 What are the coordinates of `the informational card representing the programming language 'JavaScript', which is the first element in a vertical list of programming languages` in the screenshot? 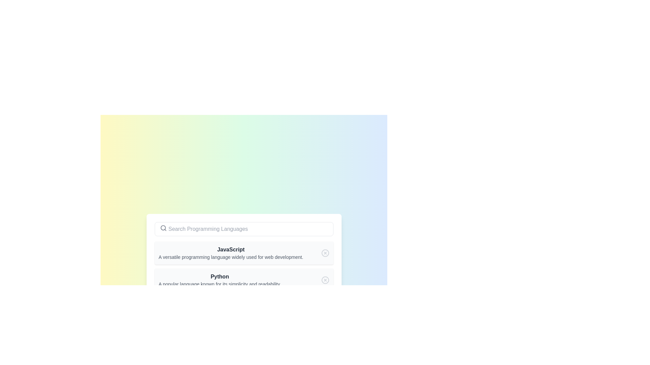 It's located at (244, 253).